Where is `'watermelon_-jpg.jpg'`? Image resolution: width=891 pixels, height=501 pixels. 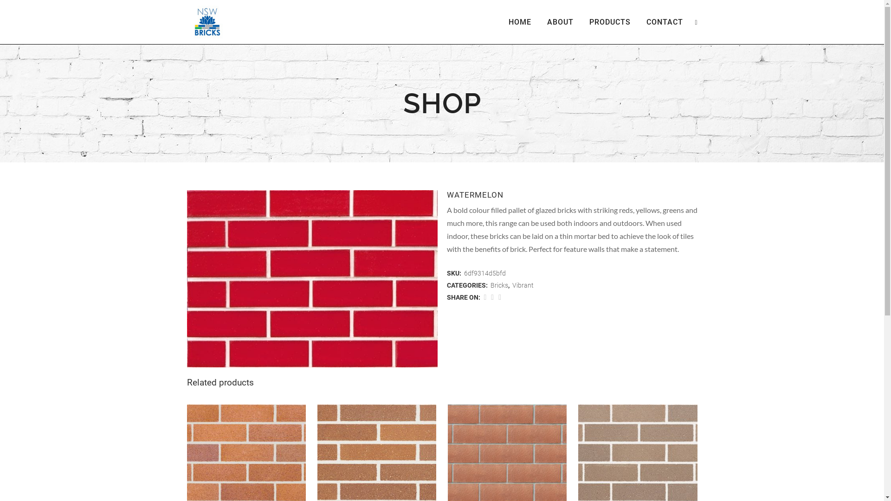
'watermelon_-jpg.jpg' is located at coordinates (312, 278).